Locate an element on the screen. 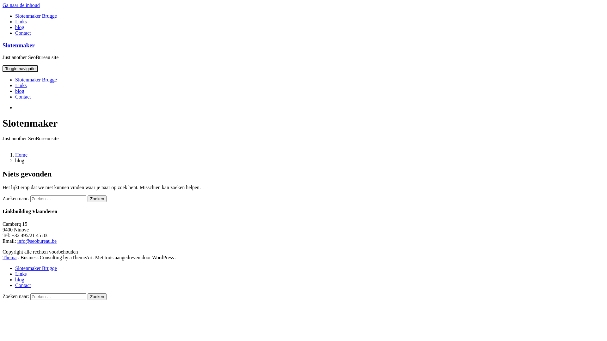  'info@seobureau.be' is located at coordinates (36, 241).